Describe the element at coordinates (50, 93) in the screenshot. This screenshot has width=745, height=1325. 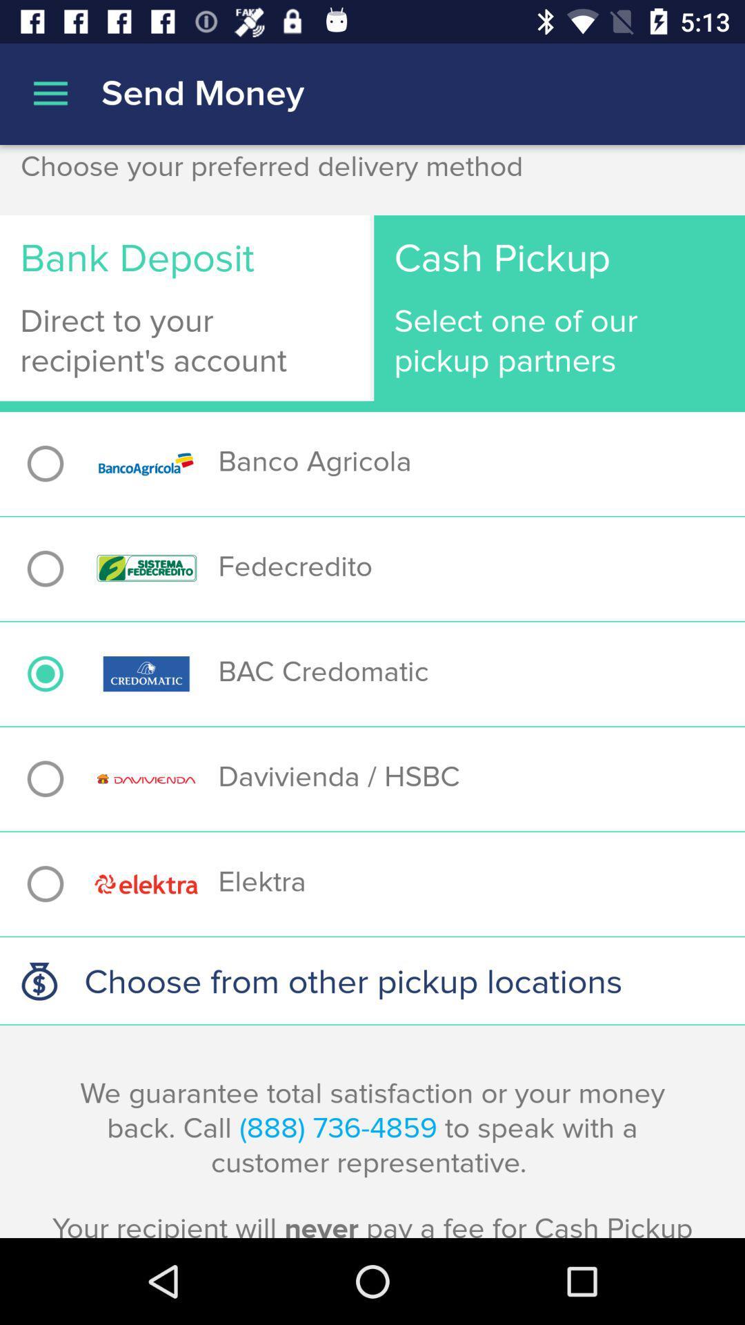
I see `item to the left of send money app` at that location.